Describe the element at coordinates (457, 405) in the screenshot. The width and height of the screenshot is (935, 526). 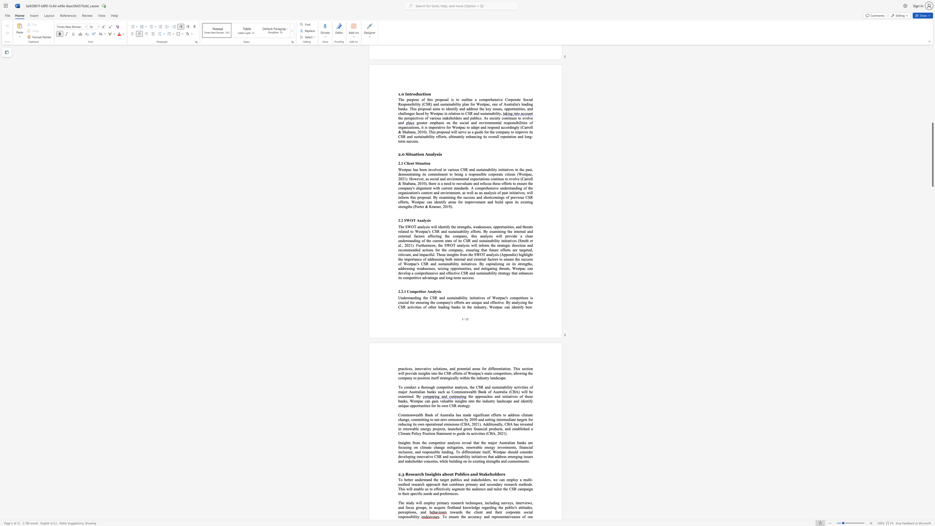
I see `the subset text "st" within the text "unique opportunities for its own CSR strategy."` at that location.